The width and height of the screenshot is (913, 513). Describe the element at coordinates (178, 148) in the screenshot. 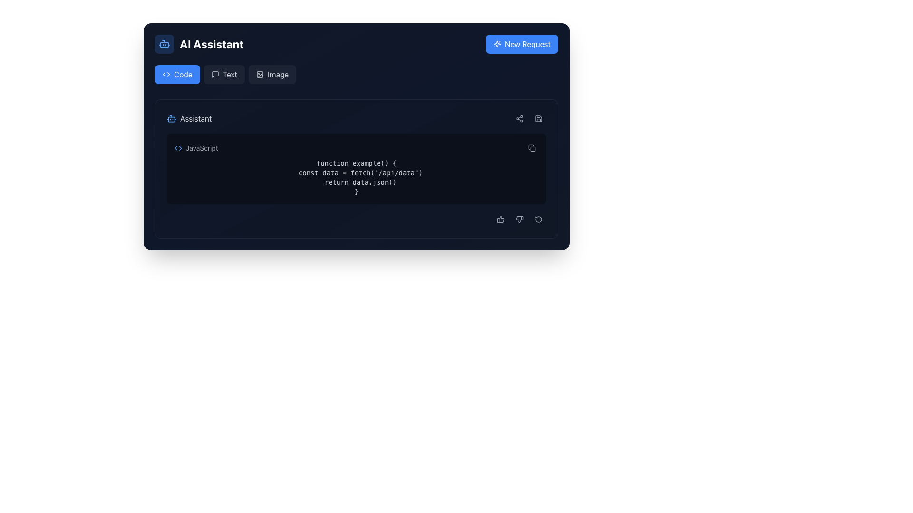

I see `the small blue icon styled with a code symbol located next to the 'JavaScript' text` at that location.